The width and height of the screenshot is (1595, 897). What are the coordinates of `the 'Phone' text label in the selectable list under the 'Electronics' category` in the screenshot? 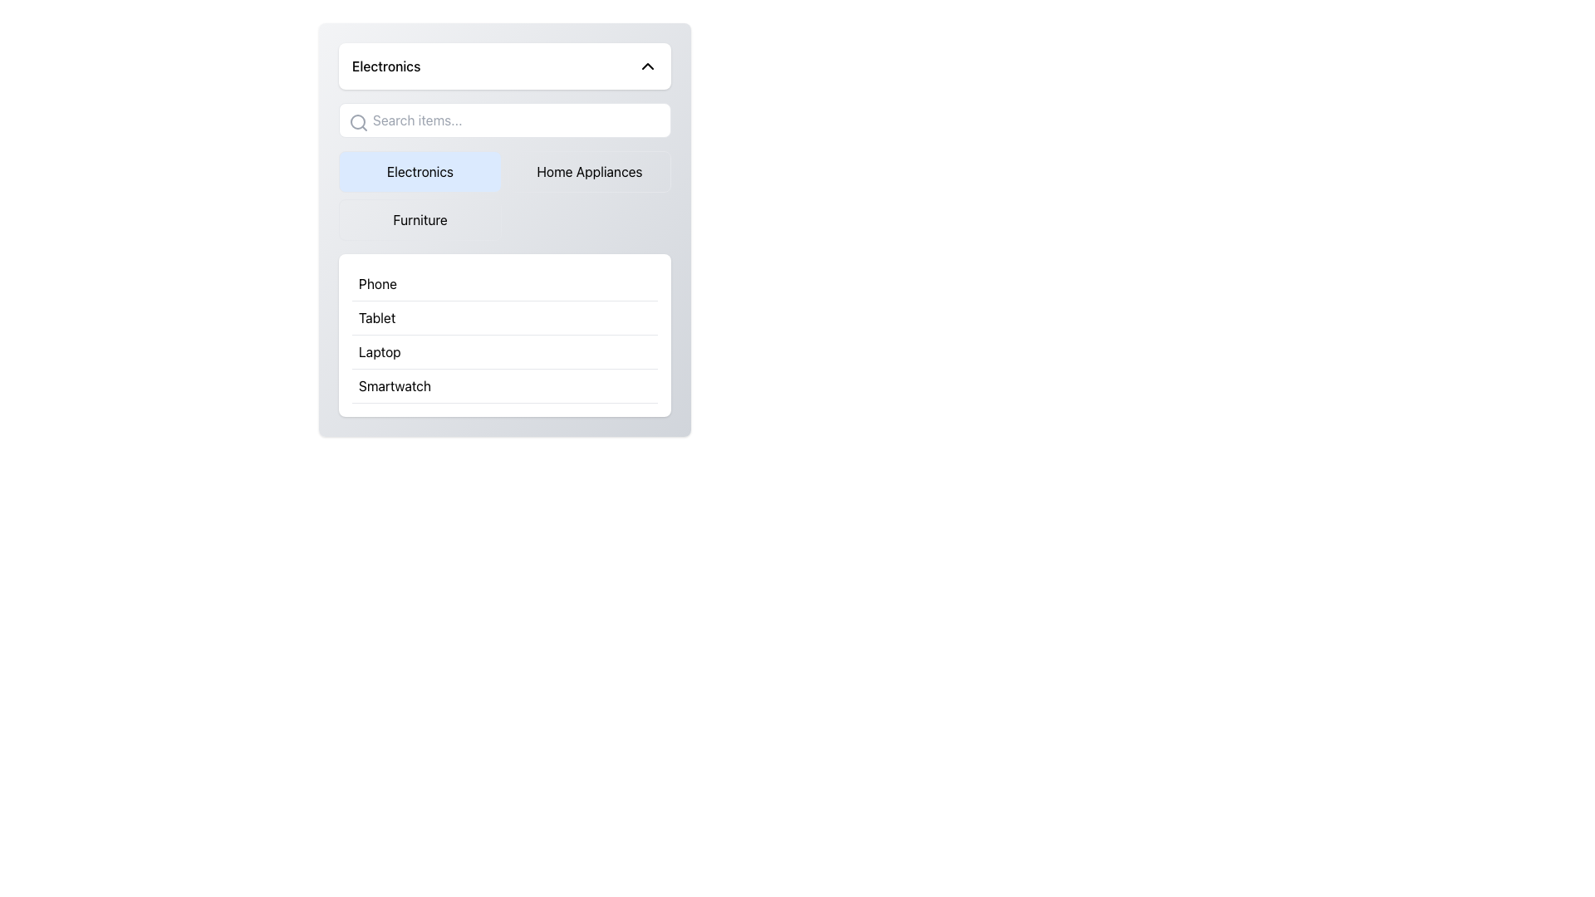 It's located at (377, 283).